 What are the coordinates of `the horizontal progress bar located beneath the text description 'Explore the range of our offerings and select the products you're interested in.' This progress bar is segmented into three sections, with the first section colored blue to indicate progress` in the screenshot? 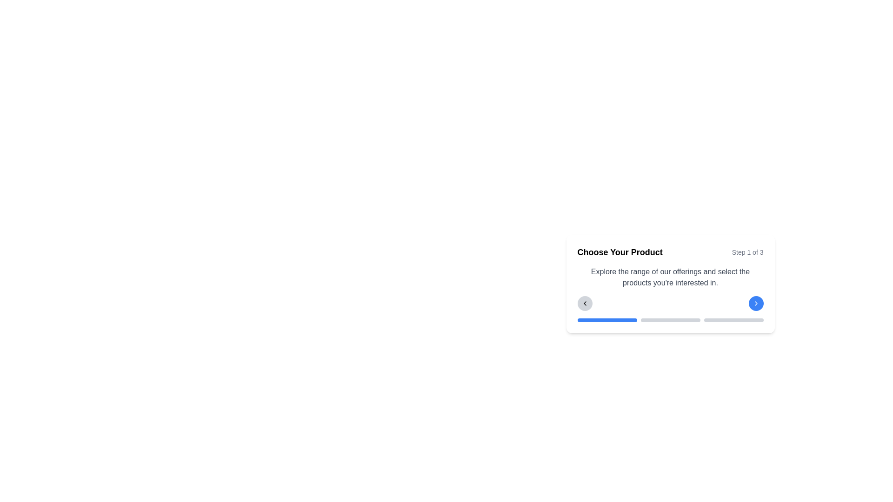 It's located at (670, 320).